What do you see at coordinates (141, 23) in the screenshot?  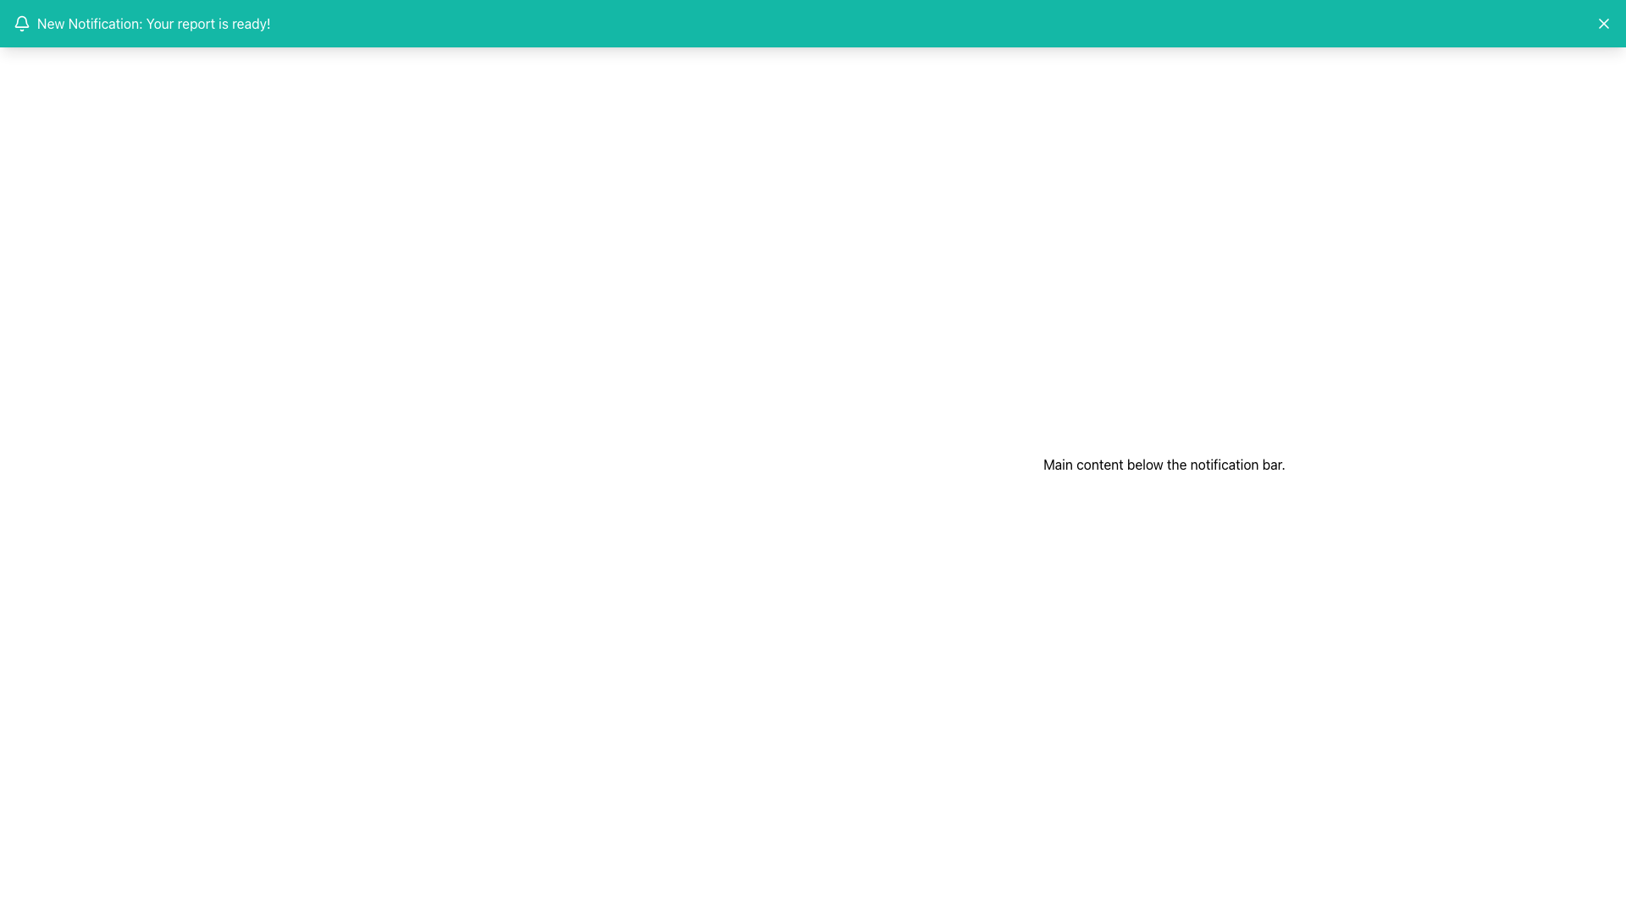 I see `the first notification message located in the fixed top banner at the top-left corner of the page` at bounding box center [141, 23].